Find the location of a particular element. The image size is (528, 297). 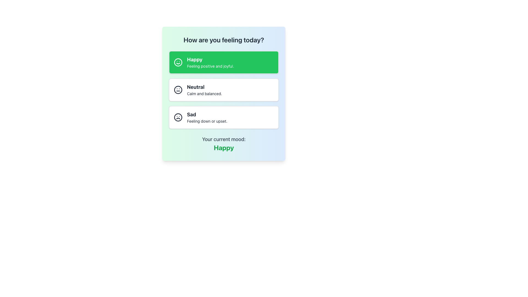

the bold, centered question text saying 'How are you feeling today?' which is positioned at the top of a card with a gradient background is located at coordinates (224, 40).